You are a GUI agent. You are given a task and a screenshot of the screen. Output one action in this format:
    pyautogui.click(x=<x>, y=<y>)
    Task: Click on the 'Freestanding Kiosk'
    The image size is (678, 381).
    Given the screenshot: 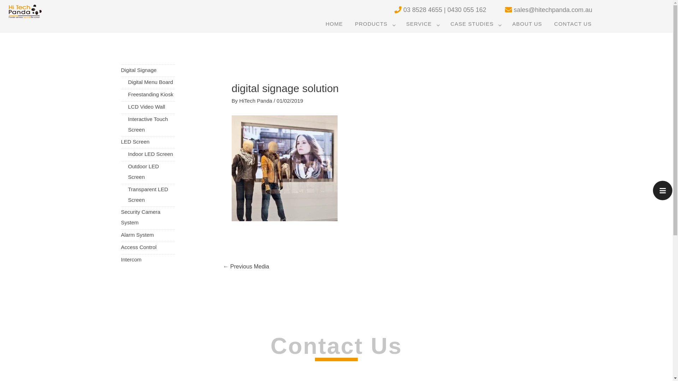 What is the action you would take?
    pyautogui.click(x=150, y=94)
    